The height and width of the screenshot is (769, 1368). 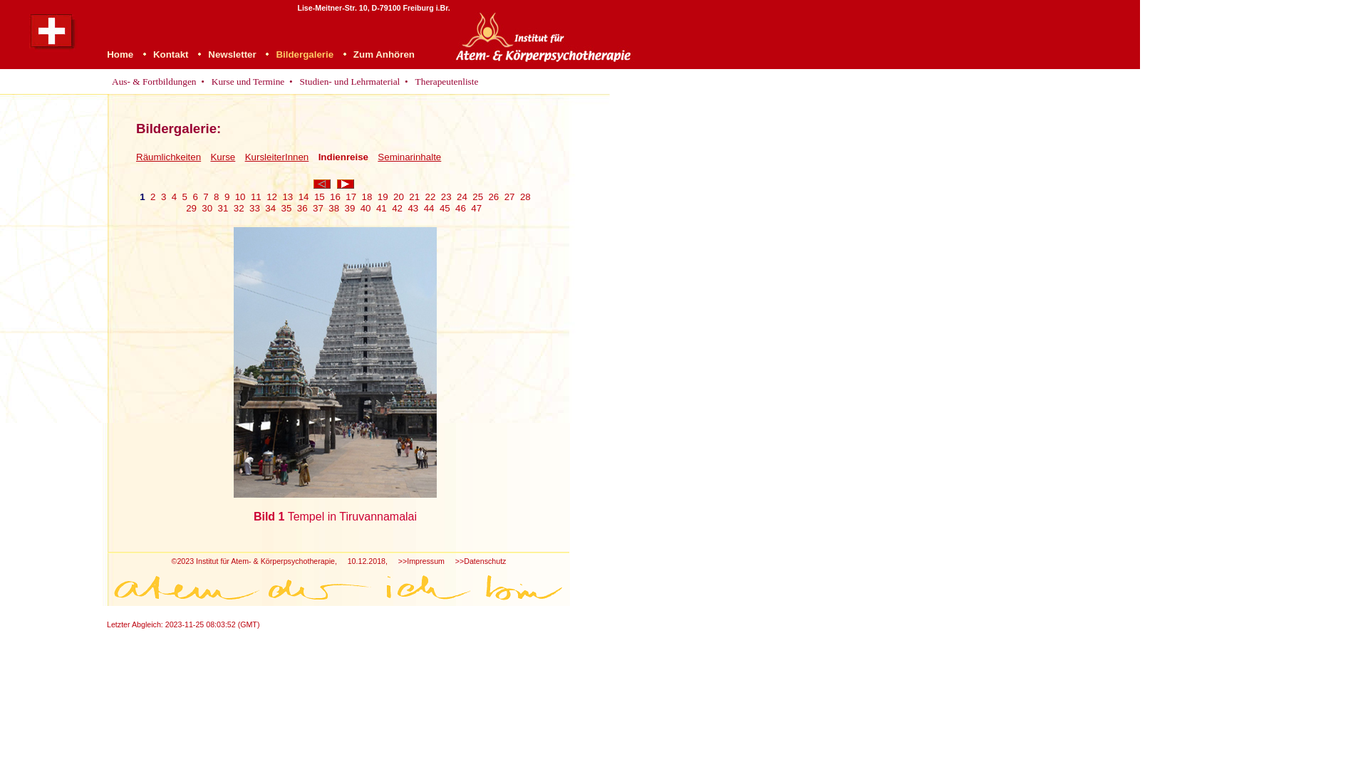 I want to click on '4', so click(x=173, y=197).